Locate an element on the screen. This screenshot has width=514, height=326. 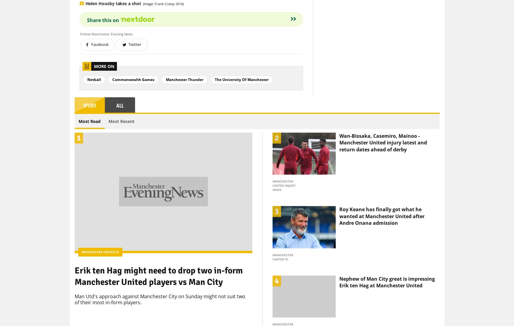
'Commonwealth Games' is located at coordinates (112, 69).